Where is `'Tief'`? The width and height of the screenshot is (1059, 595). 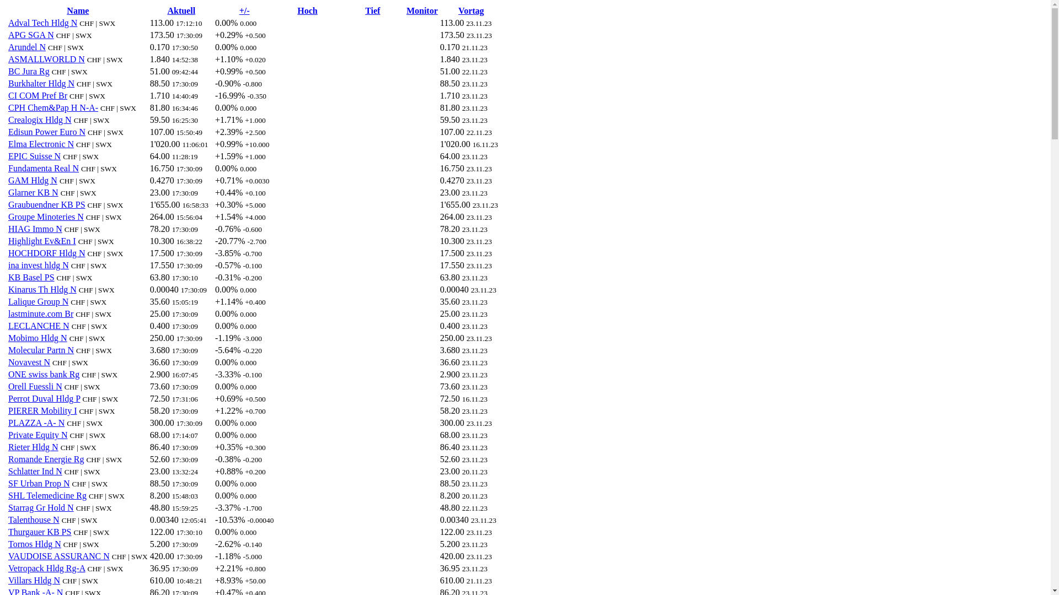 'Tief' is located at coordinates (372, 10).